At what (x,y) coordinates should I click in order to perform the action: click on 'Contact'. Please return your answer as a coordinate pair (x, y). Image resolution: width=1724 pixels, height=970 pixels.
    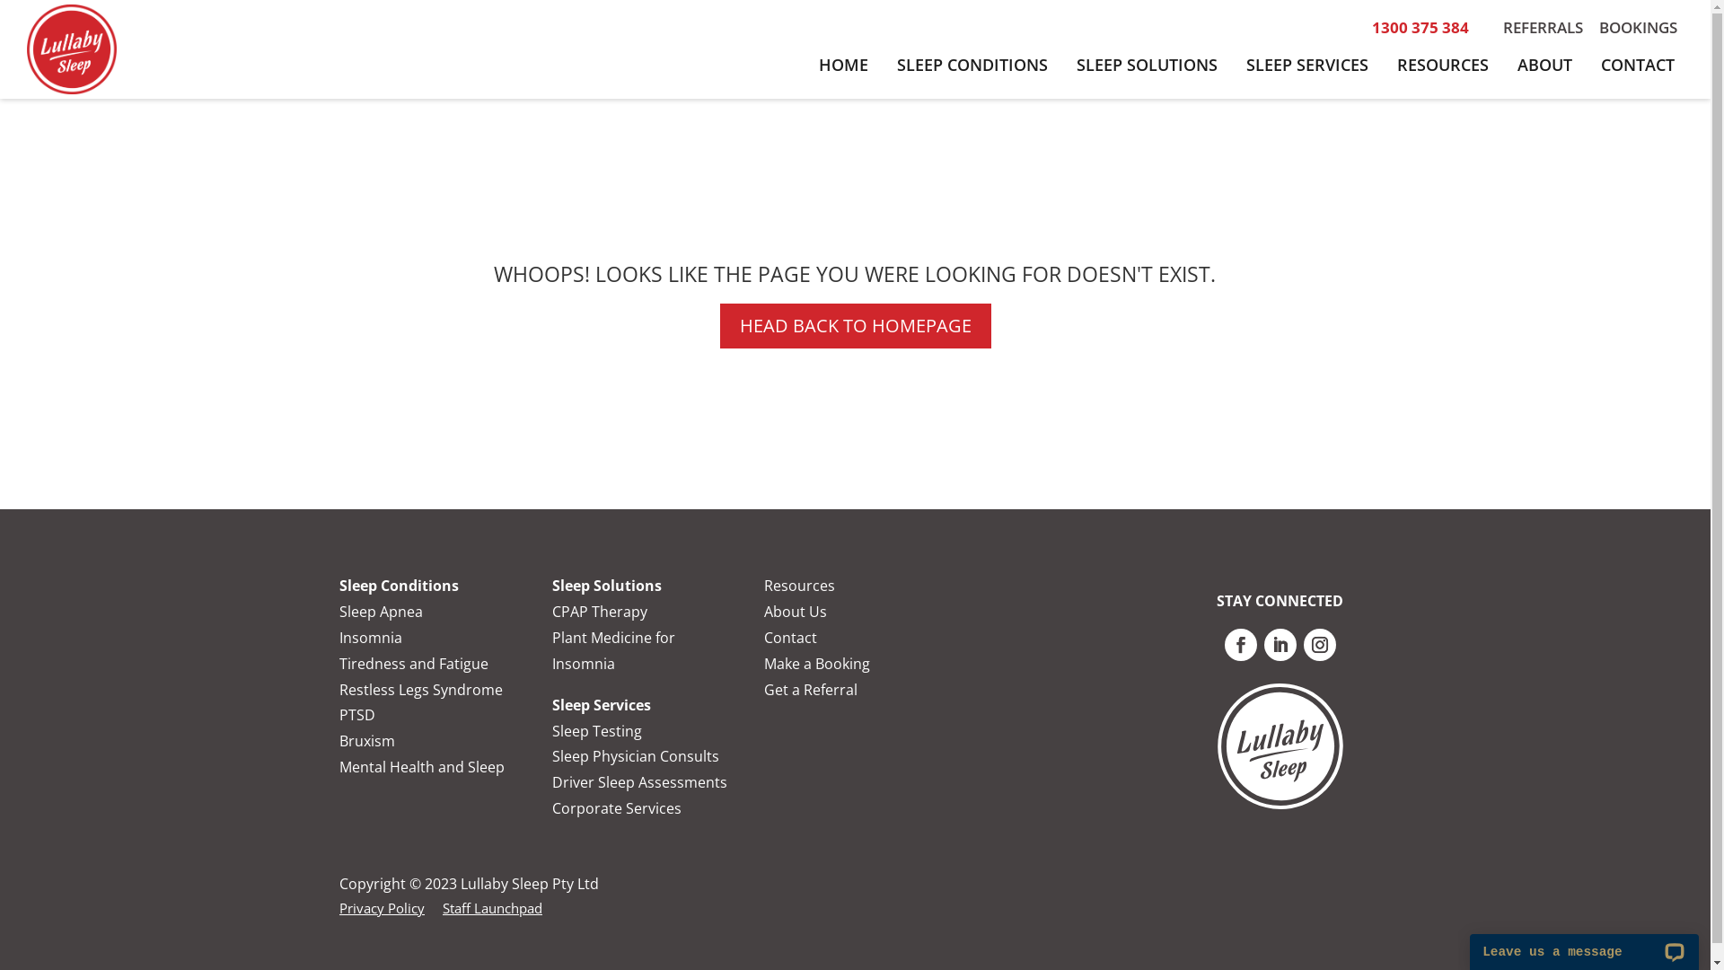
    Looking at the image, I should click on (790, 636).